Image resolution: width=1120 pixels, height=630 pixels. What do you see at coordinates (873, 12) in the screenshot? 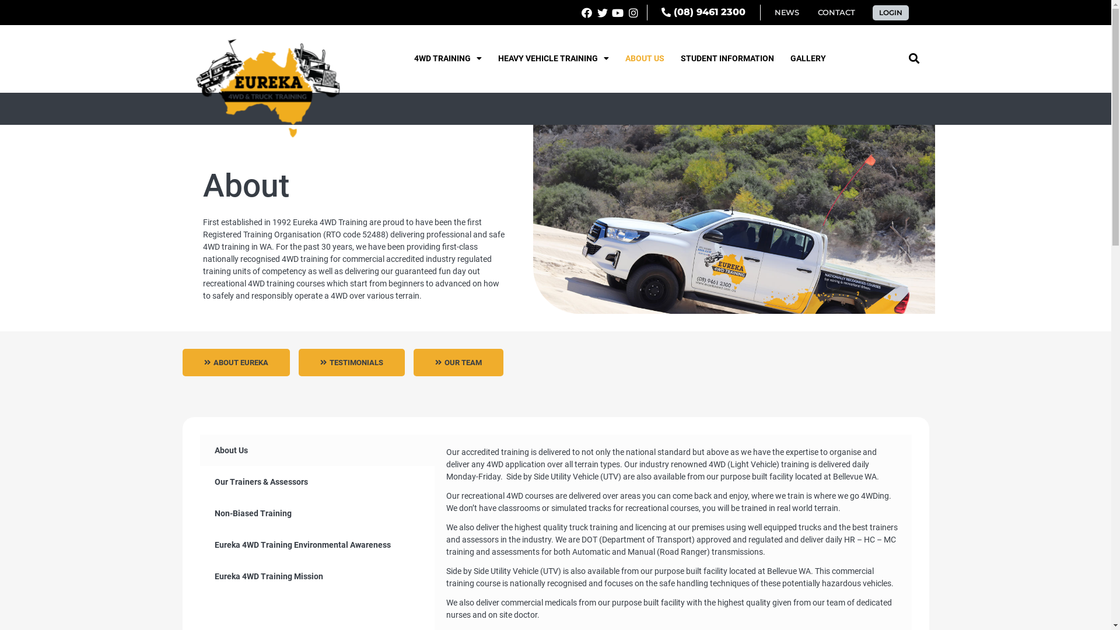
I see `'LOGIN'` at bounding box center [873, 12].